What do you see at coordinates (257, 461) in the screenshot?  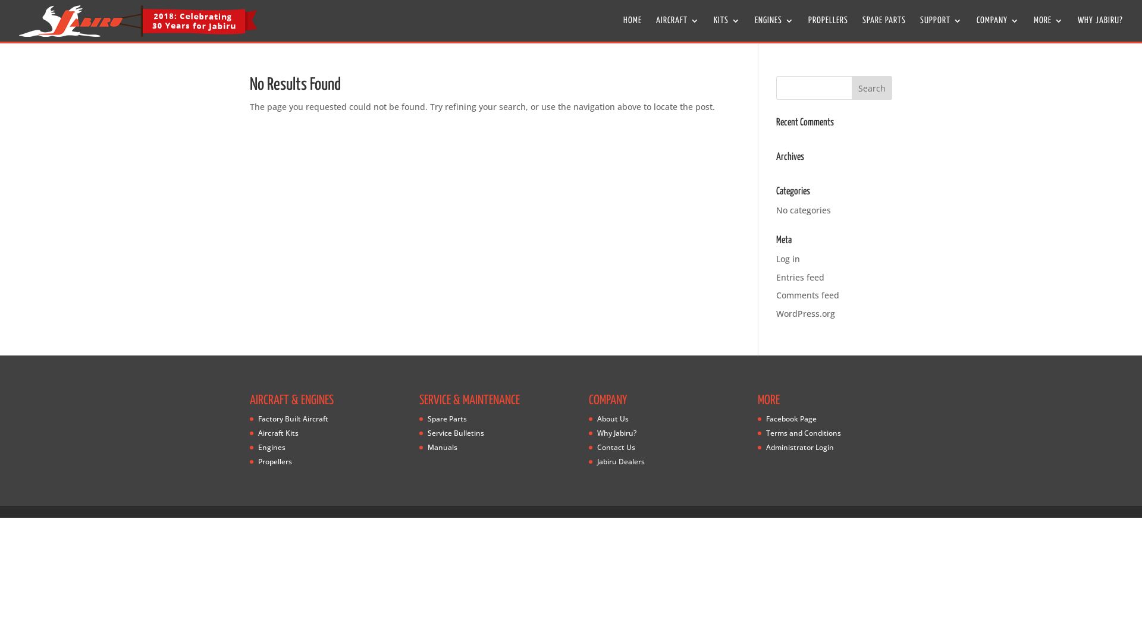 I see `'Propellers'` at bounding box center [257, 461].